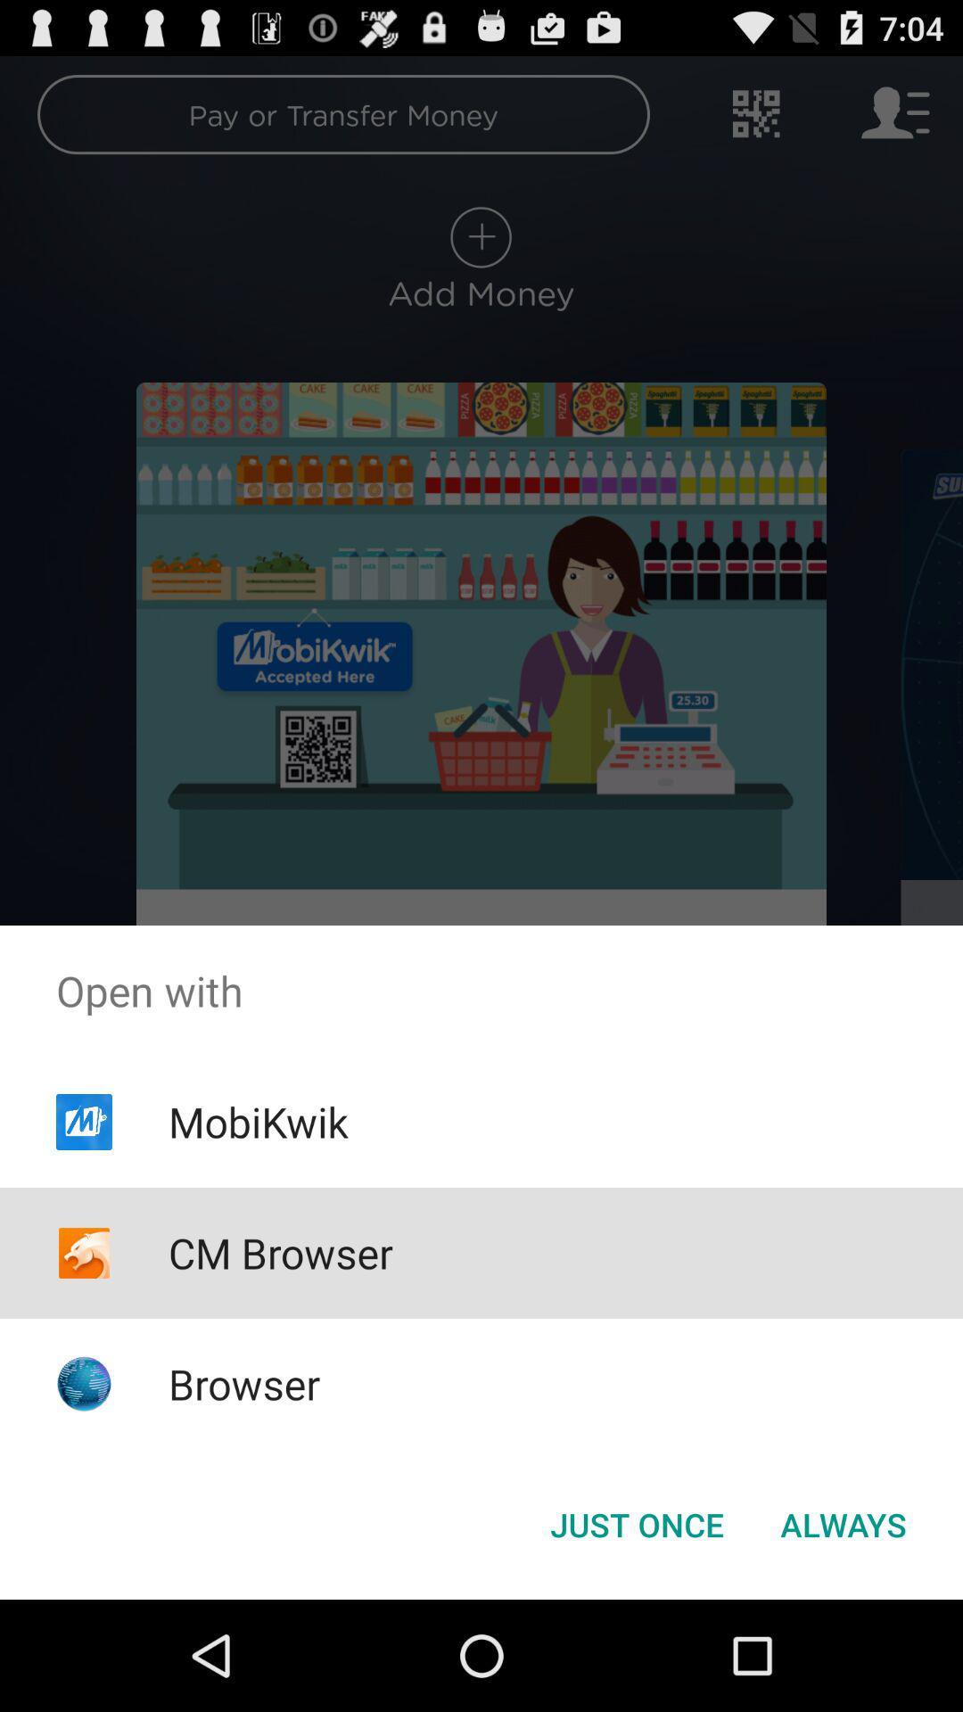 The image size is (963, 1712). What do you see at coordinates (843, 1523) in the screenshot?
I see `icon below the open with item` at bounding box center [843, 1523].